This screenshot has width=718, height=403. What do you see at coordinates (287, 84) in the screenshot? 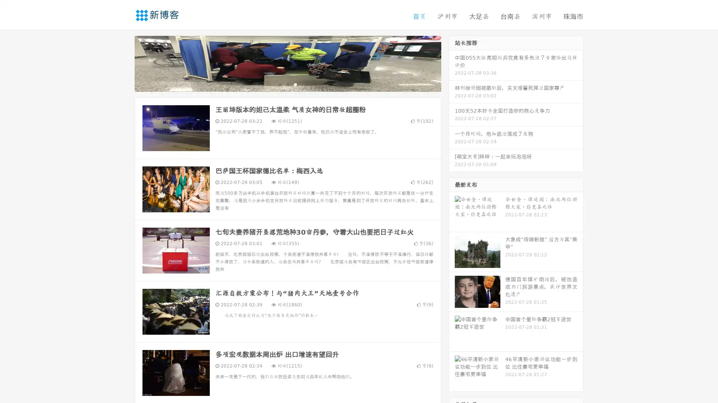
I see `Go to slide 2` at bounding box center [287, 84].